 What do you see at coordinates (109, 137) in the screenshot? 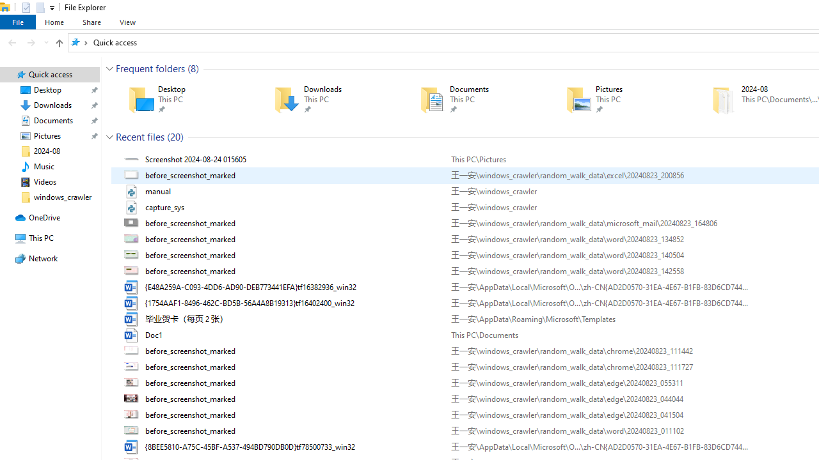
I see `'Collapse Group'` at bounding box center [109, 137].